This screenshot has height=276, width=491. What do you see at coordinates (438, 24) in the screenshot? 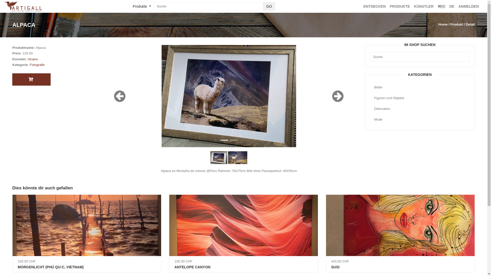
I see `'Home'` at bounding box center [438, 24].